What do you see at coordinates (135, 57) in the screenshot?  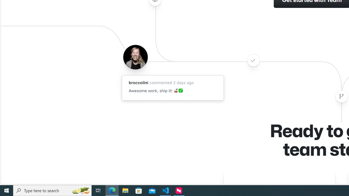 I see `'Avatar of the user broccolini'` at bounding box center [135, 57].